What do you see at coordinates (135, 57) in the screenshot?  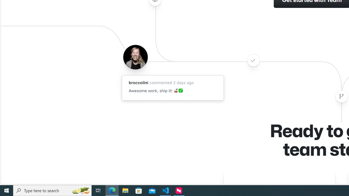 I see `'Avatar of the user broccolini'` at bounding box center [135, 57].